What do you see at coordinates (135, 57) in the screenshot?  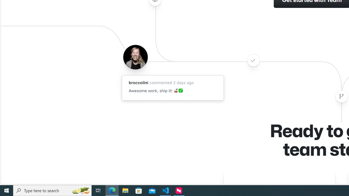 I see `'Avatar of the user broccolini'` at bounding box center [135, 57].